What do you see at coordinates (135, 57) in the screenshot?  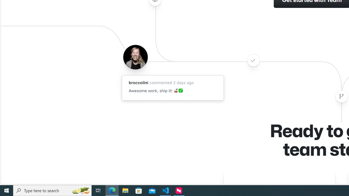 I see `'Avatar of the user broccolini'` at bounding box center [135, 57].